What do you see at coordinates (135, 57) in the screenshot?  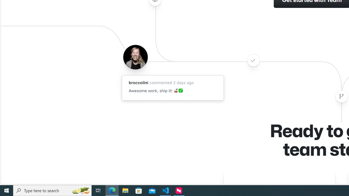 I see `'Avatar of the user broccolini'` at bounding box center [135, 57].